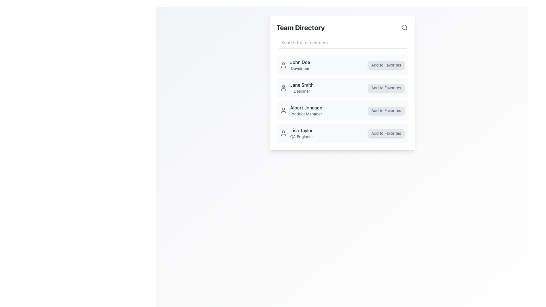  I want to click on the user entry icon for 'Albert Johnson, Product Manager', which is positioned to the left of the names in the team members list, so click(283, 111).